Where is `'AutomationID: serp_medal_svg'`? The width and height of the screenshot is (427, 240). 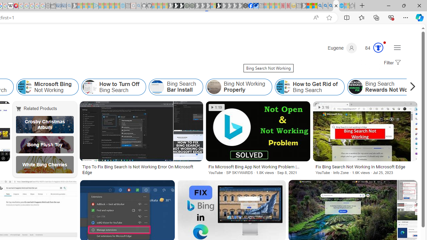
'AutomationID: serp_medal_svg' is located at coordinates (378, 47).